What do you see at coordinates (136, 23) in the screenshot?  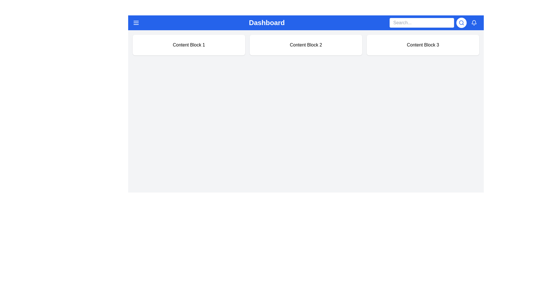 I see `the menu icon, represented by three horizontal lines, located in the blue navigation bar at the top of the interface` at bounding box center [136, 23].